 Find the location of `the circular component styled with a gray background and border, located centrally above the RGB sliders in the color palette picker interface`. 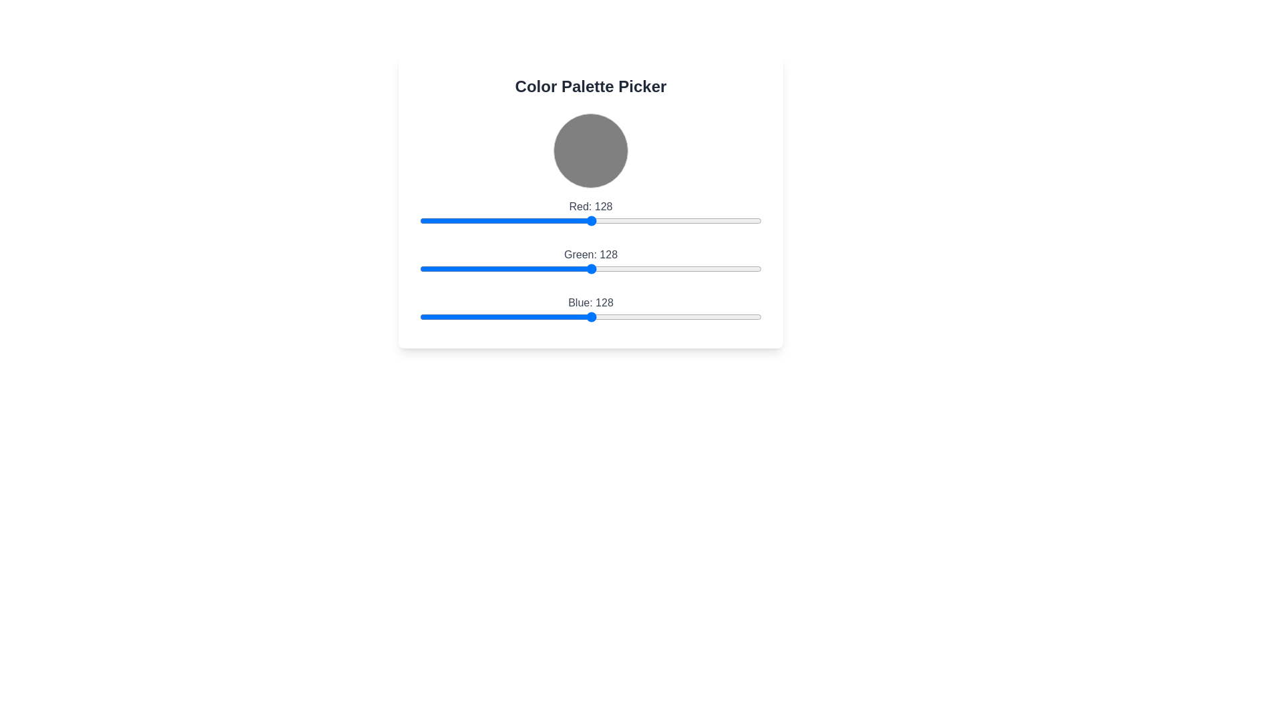

the circular component styled with a gray background and border, located centrally above the RGB sliders in the color palette picker interface is located at coordinates (590, 150).